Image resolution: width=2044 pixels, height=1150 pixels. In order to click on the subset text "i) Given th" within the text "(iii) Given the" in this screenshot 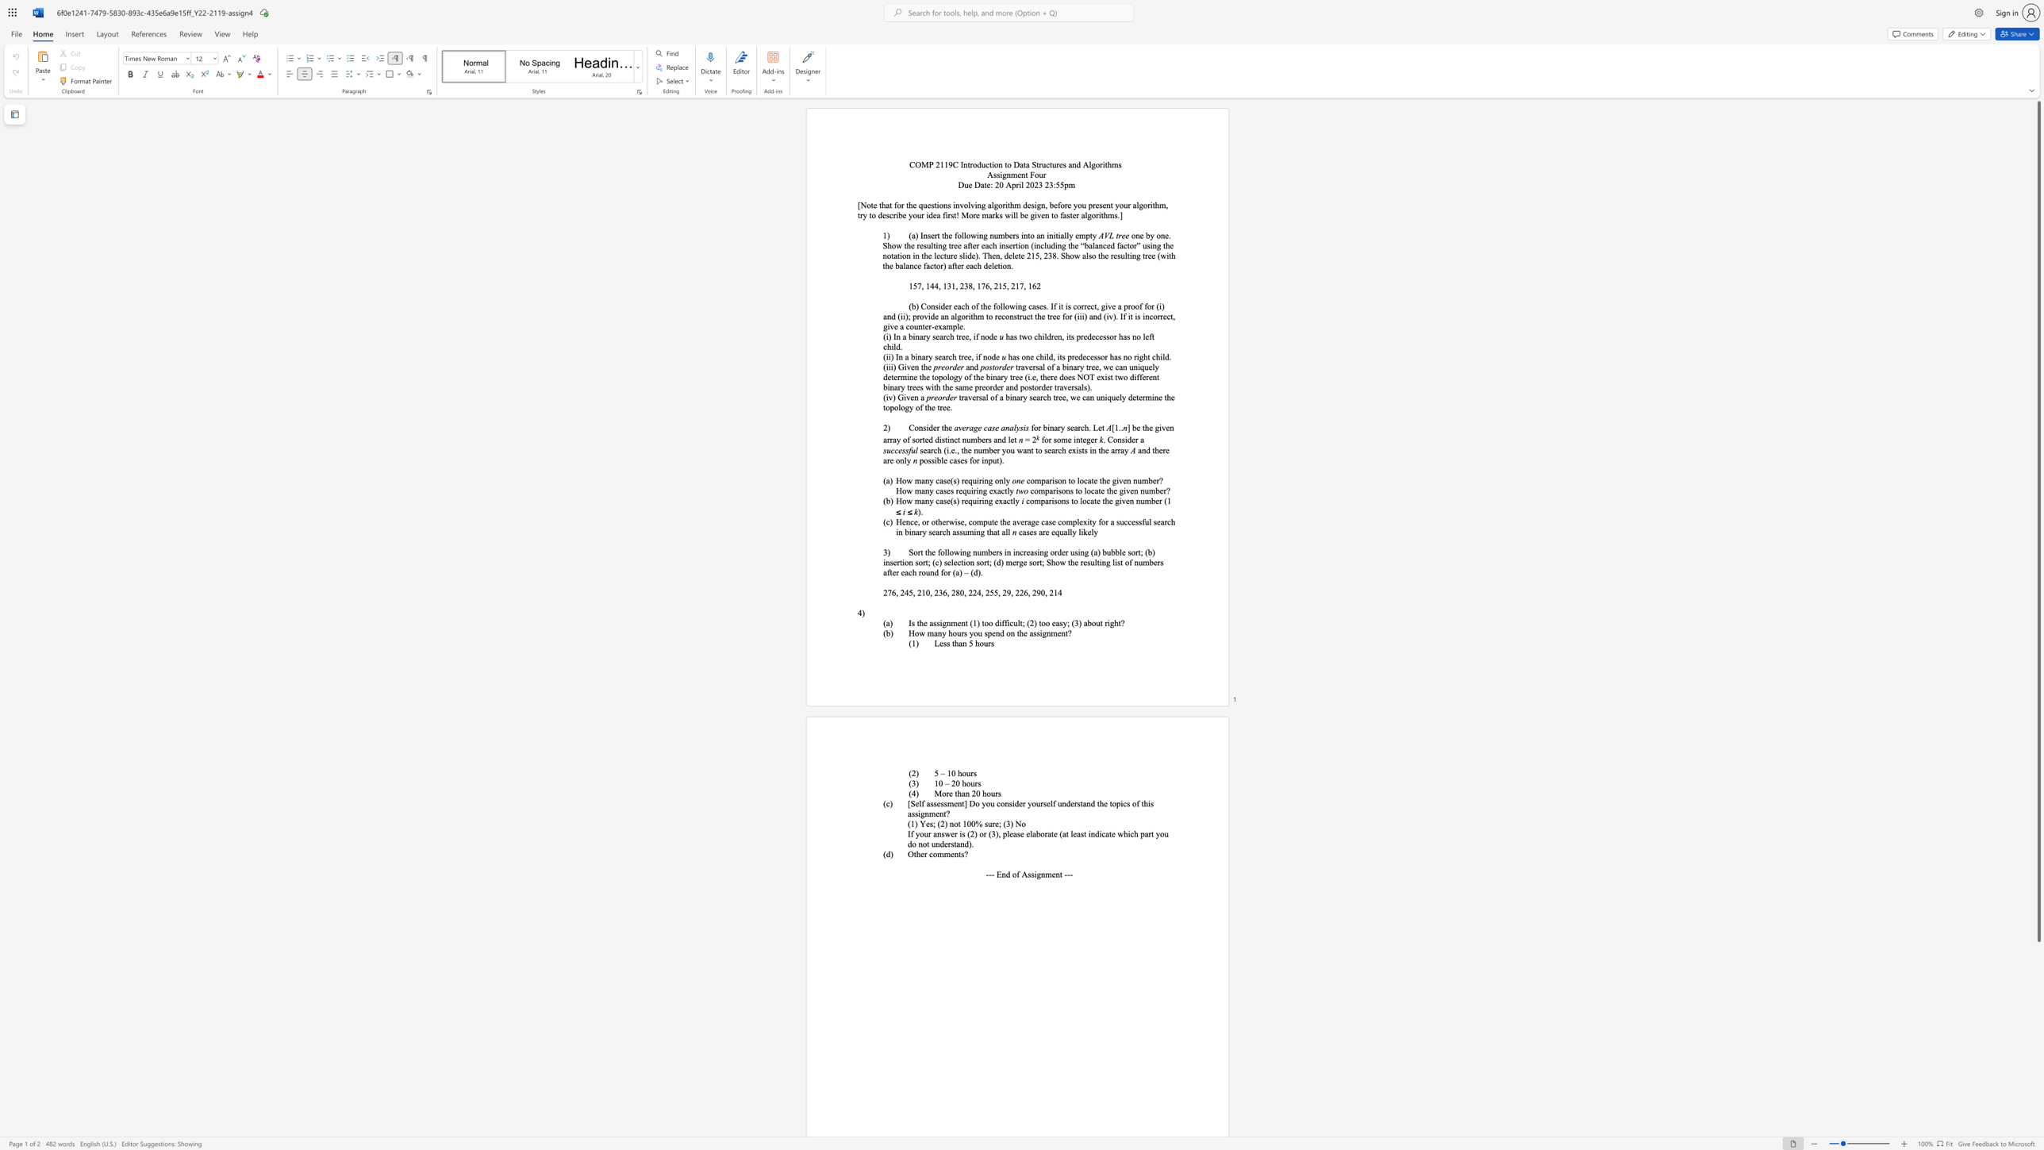, I will do `click(890, 367)`.